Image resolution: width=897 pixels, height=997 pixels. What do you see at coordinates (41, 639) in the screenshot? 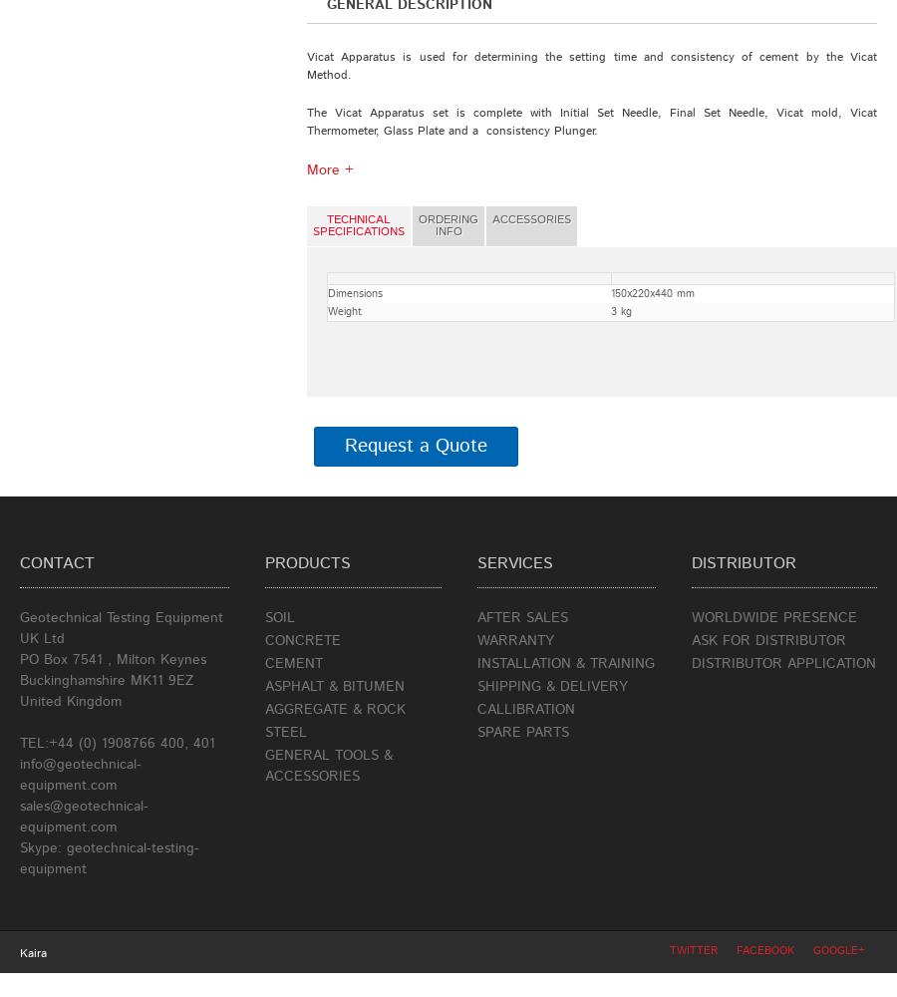
I see `'UK Ltd'` at bounding box center [41, 639].